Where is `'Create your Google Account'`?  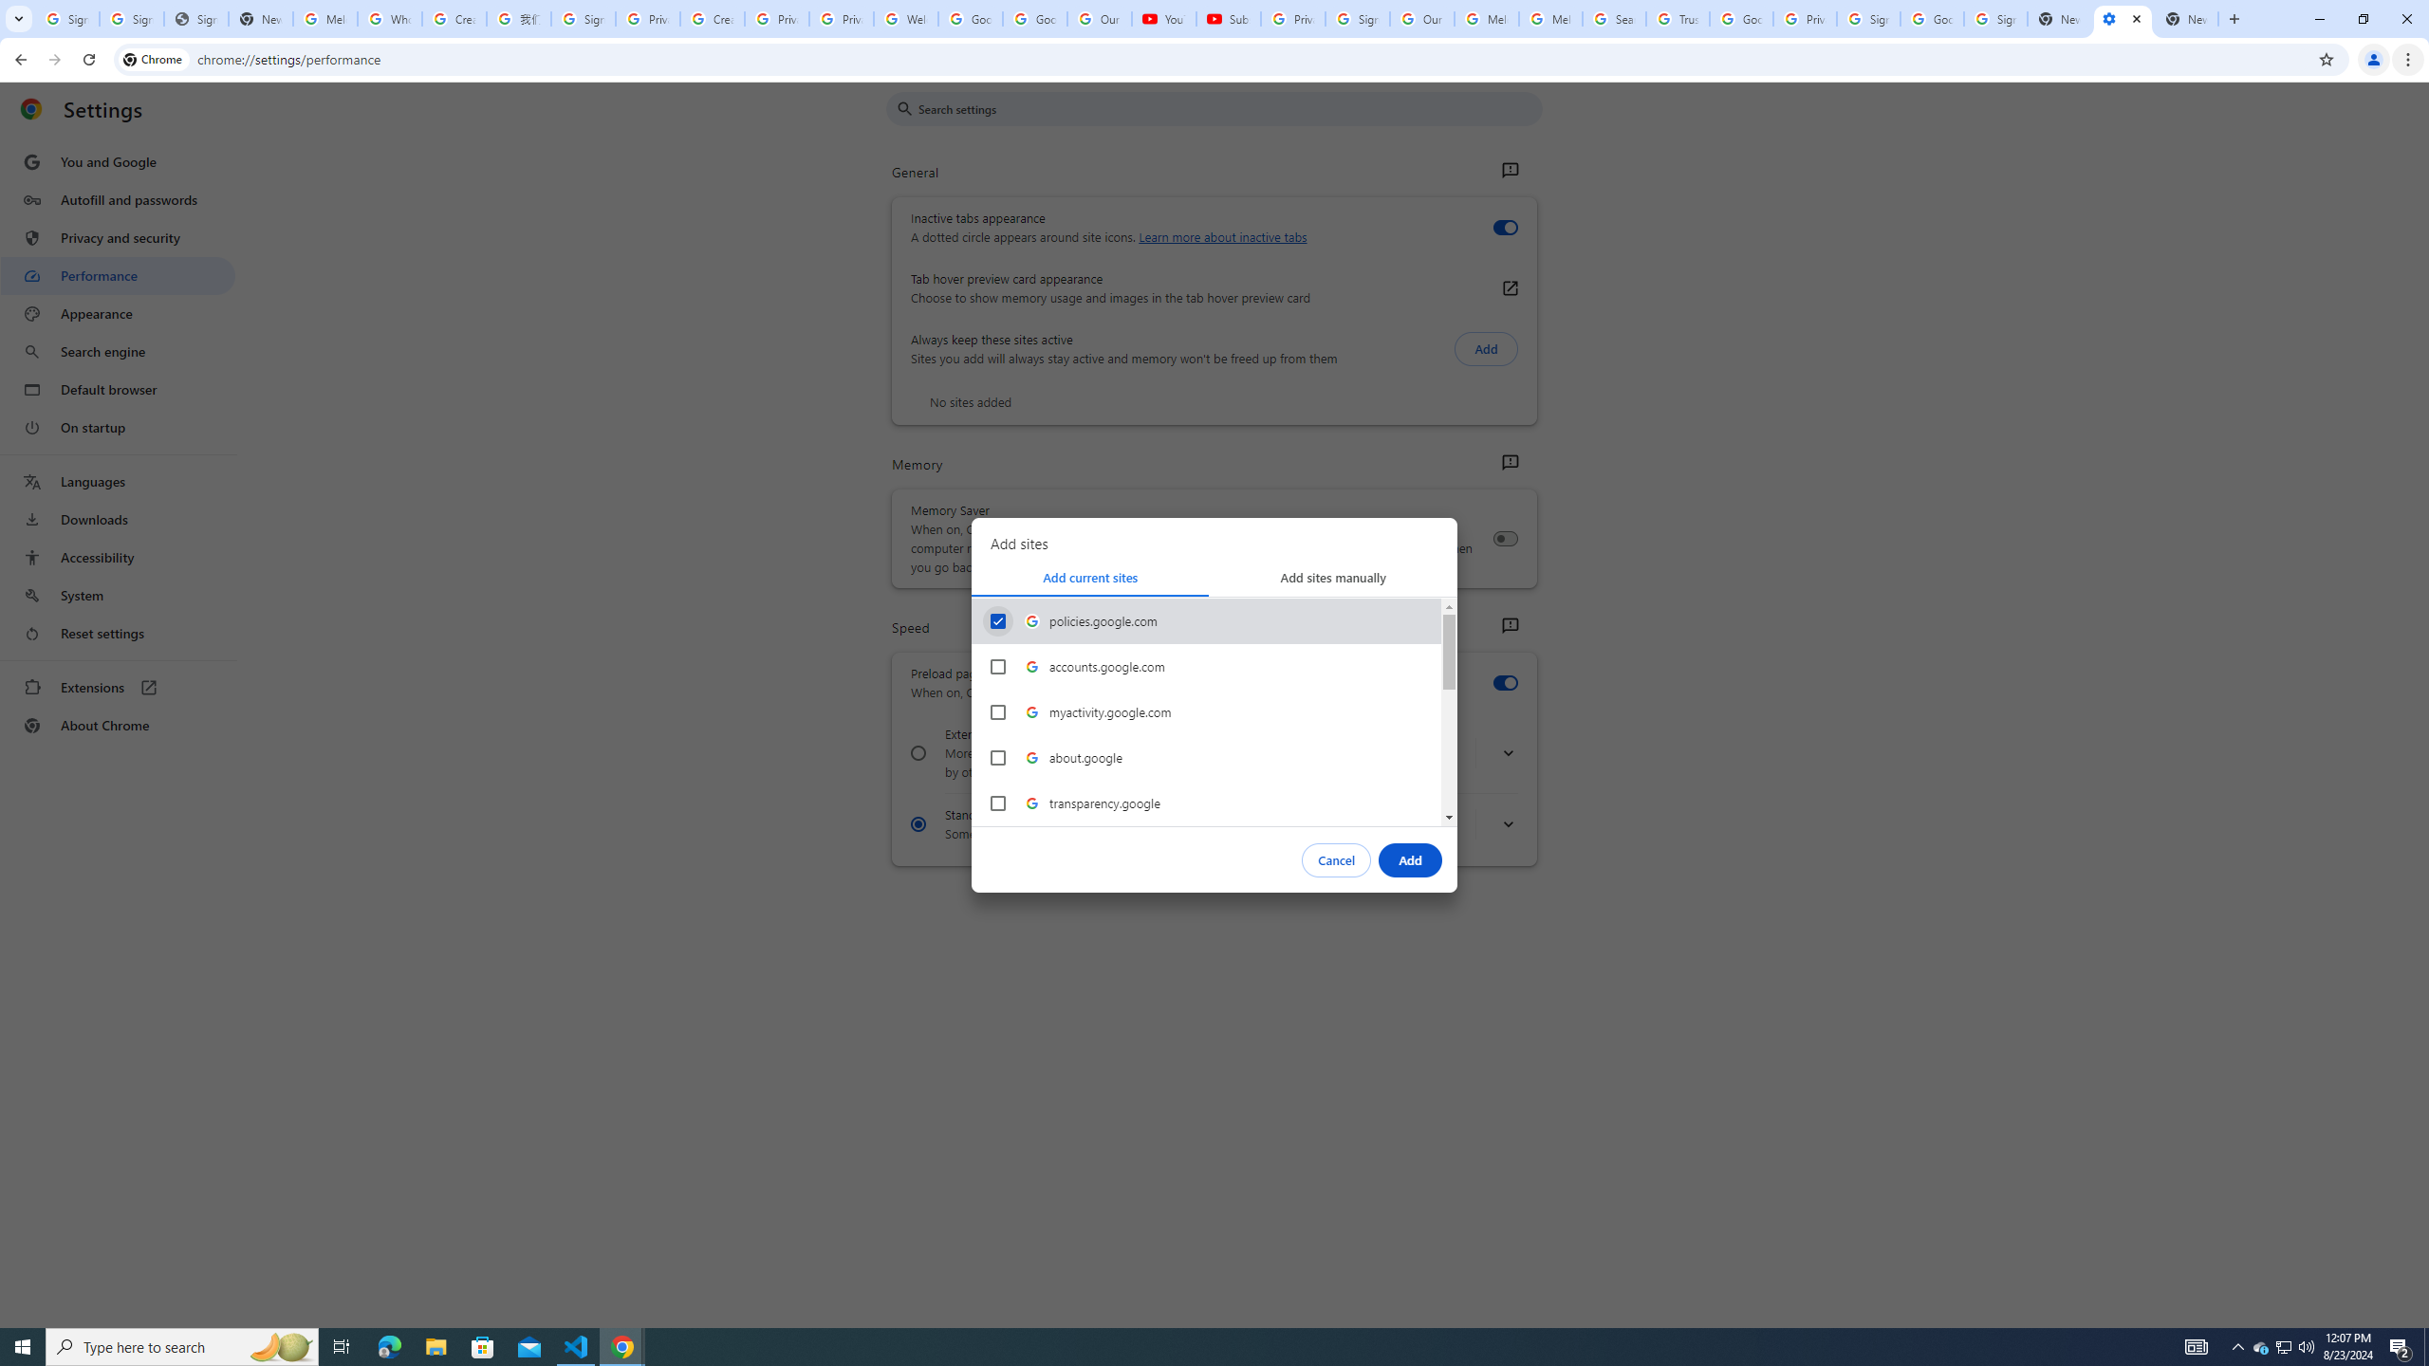
'Create your Google Account' is located at coordinates (712, 18).